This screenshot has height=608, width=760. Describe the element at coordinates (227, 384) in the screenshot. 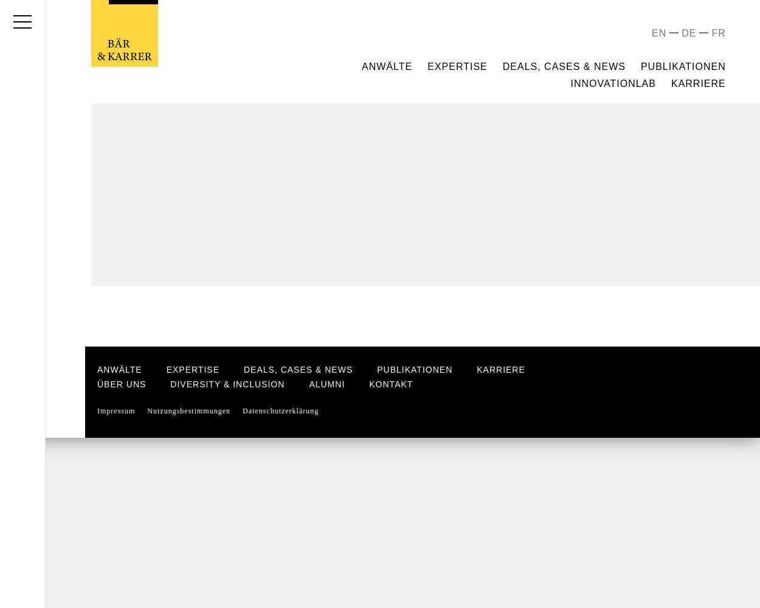

I see `'Diversity & Inclusion'` at that location.